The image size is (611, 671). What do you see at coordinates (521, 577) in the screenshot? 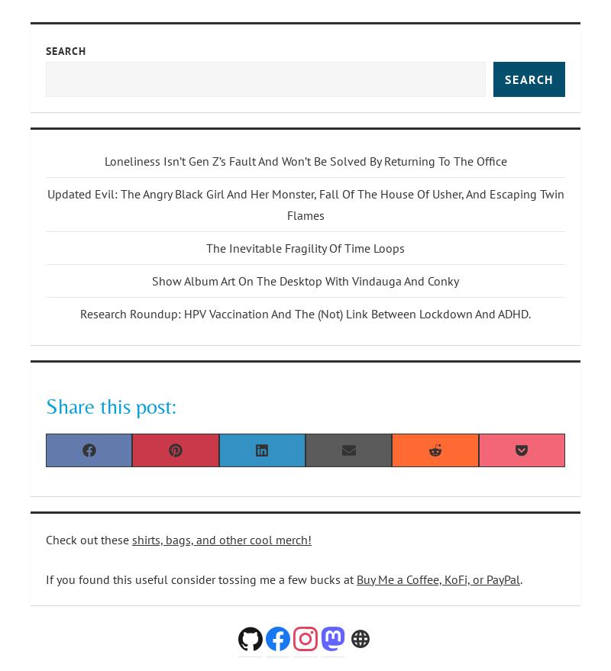
I see `'.'` at bounding box center [521, 577].